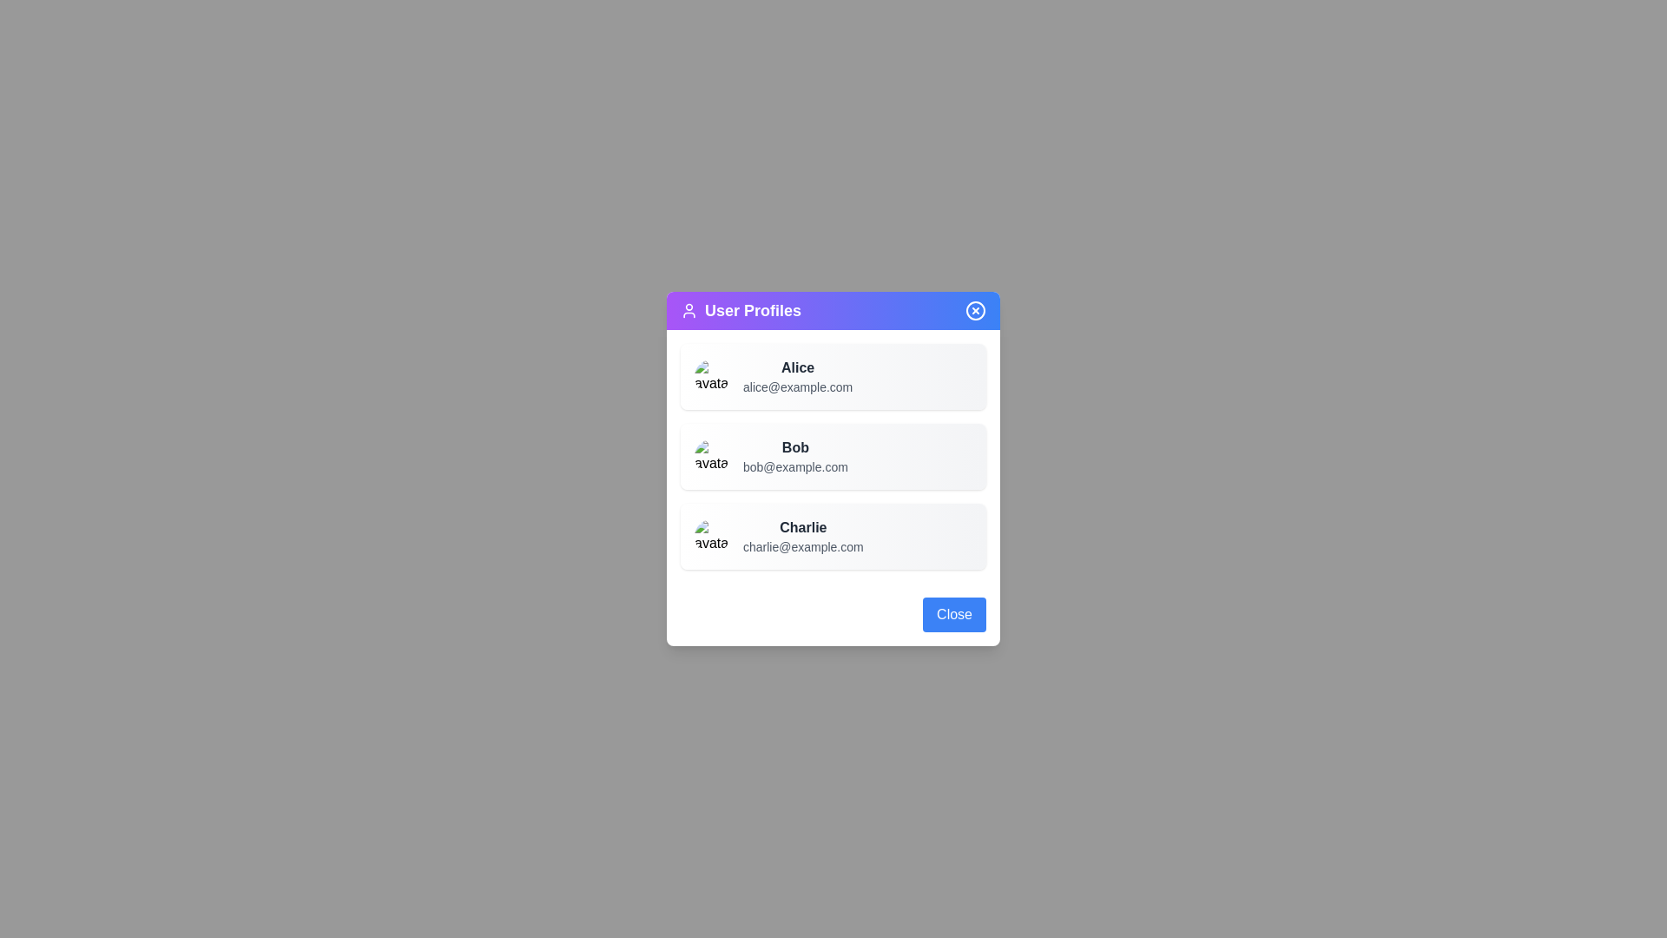 The image size is (1667, 938). What do you see at coordinates (712, 376) in the screenshot?
I see `the avatar of Alice to inspect their profile` at bounding box center [712, 376].